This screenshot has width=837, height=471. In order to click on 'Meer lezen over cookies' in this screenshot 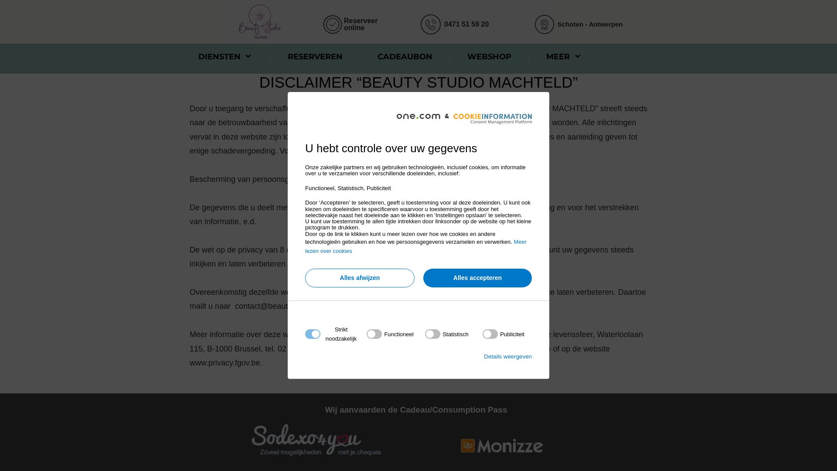, I will do `click(415, 246)`.